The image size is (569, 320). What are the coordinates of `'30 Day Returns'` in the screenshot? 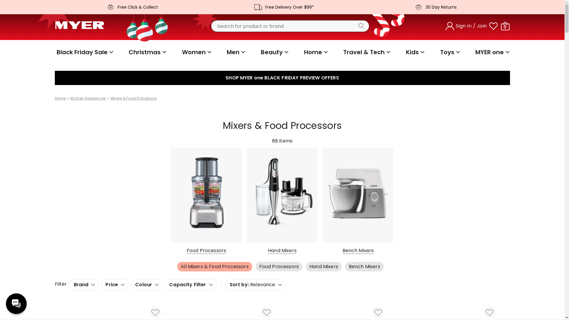 It's located at (434, 7).